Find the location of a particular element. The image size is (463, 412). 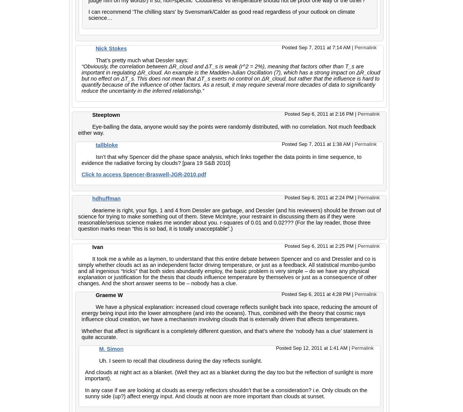

'Posted Sep 7, 2011 at 1:38 AM' is located at coordinates (316, 143).